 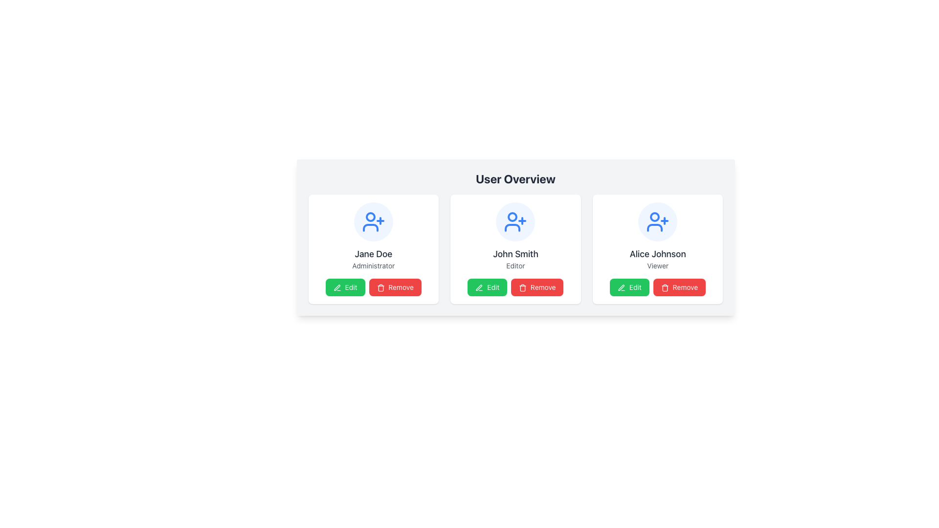 What do you see at coordinates (373, 254) in the screenshot?
I see `the text label displaying 'Jane Doe' in bold font, centrally located within the leftmost card interface` at bounding box center [373, 254].